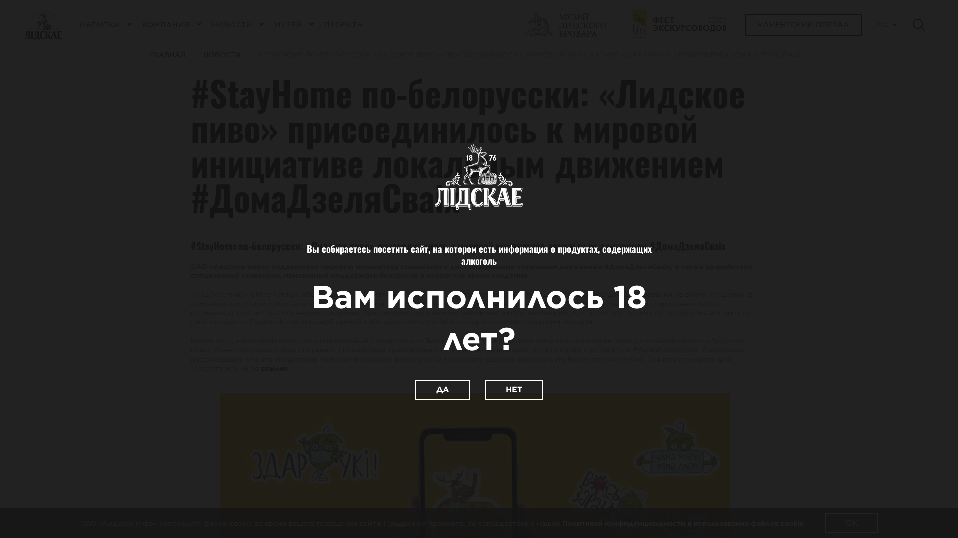 The width and height of the screenshot is (958, 538). Describe the element at coordinates (851, 522) in the screenshot. I see `'OK'` at that location.